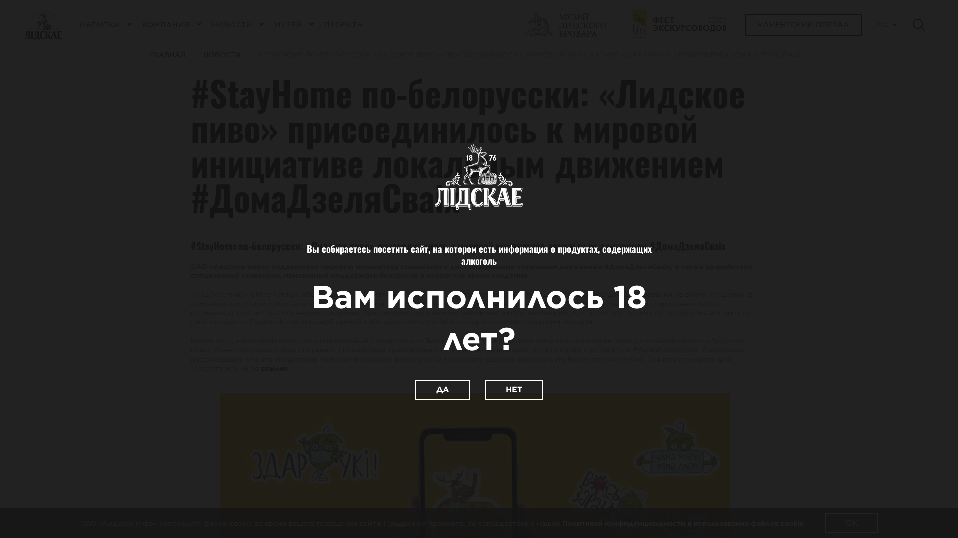 The width and height of the screenshot is (958, 538). Describe the element at coordinates (851, 522) in the screenshot. I see `'OK'` at that location.